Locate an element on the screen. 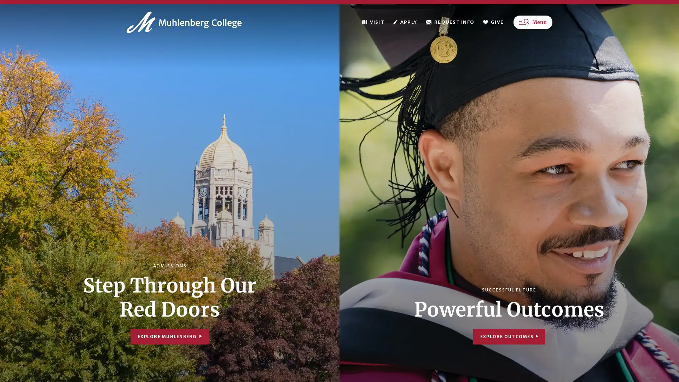 The image size is (679, 382). Menu is located at coordinates (533, 24).